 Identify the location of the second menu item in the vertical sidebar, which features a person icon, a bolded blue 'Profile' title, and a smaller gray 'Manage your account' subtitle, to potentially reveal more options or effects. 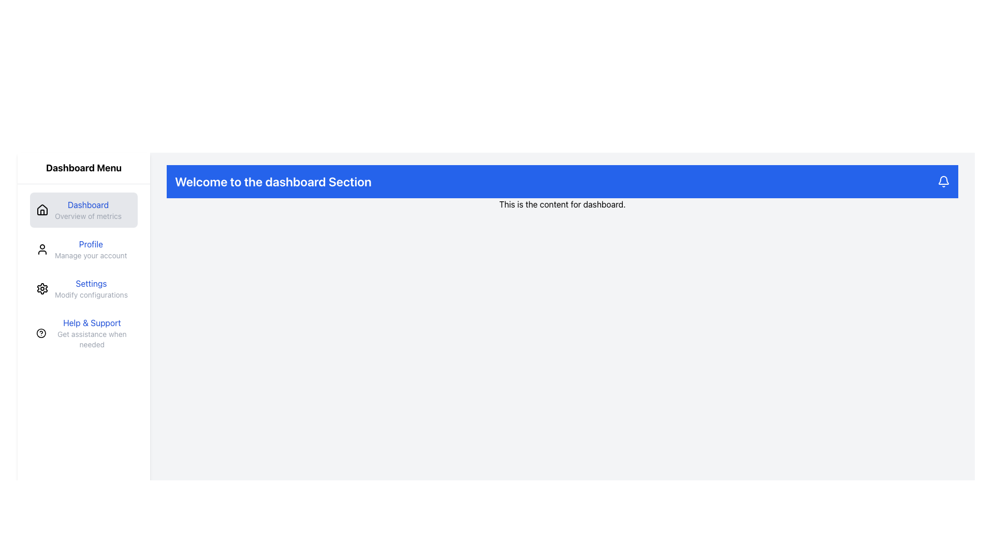
(84, 249).